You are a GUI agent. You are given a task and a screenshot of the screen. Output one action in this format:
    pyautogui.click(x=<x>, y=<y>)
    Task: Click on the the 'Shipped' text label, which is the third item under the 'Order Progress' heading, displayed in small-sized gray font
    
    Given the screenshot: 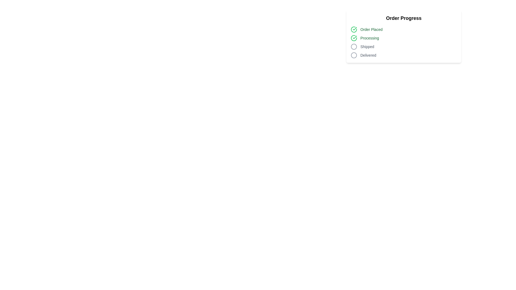 What is the action you would take?
    pyautogui.click(x=367, y=46)
    